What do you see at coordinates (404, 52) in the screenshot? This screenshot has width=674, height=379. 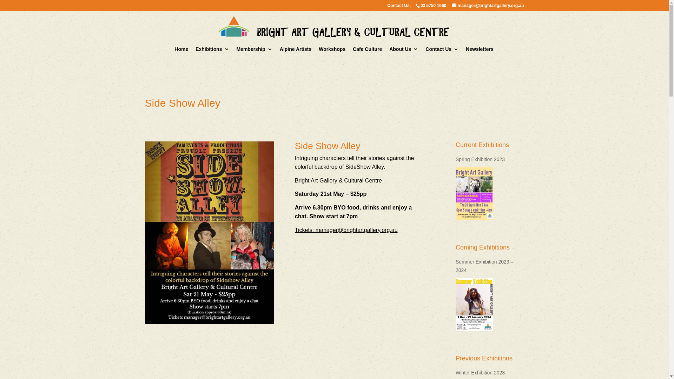 I see `'About Us'` at bounding box center [404, 52].